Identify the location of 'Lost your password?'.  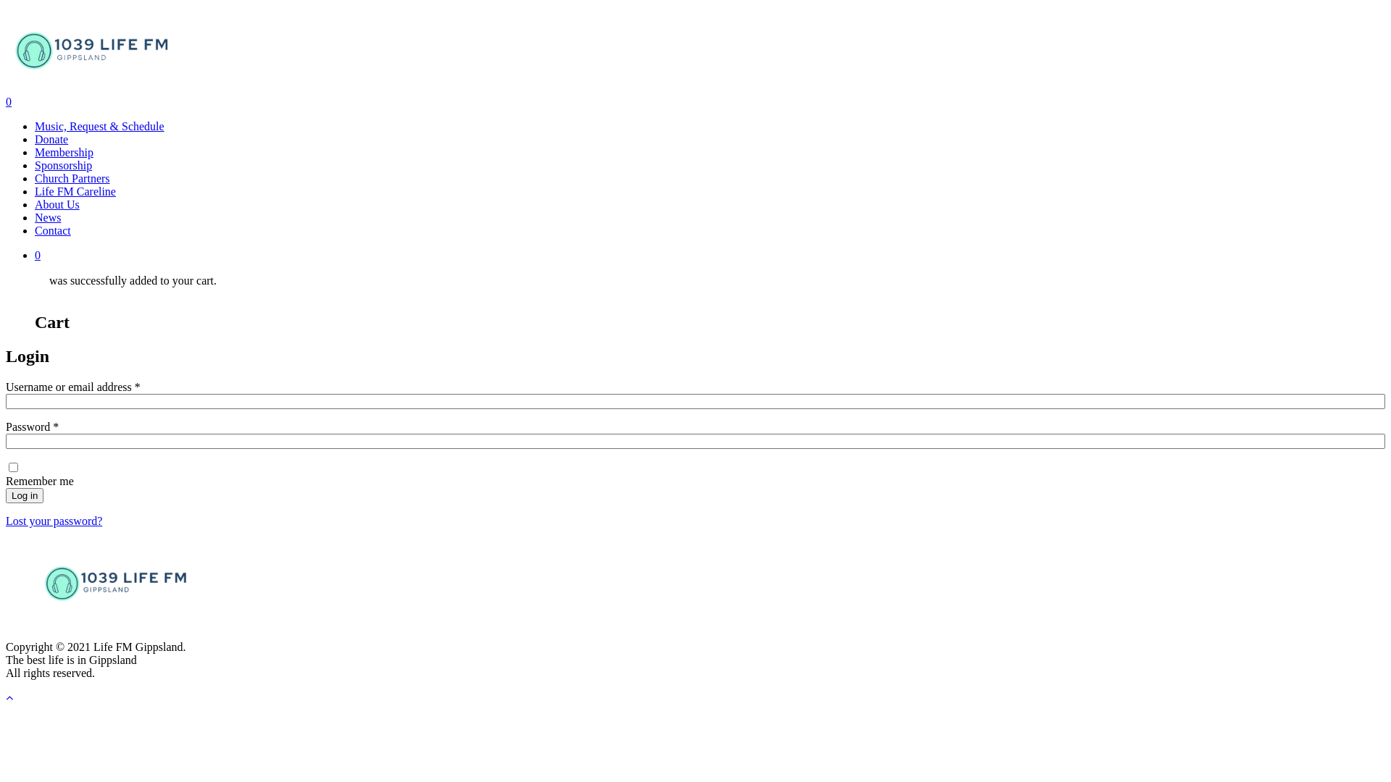
(54, 520).